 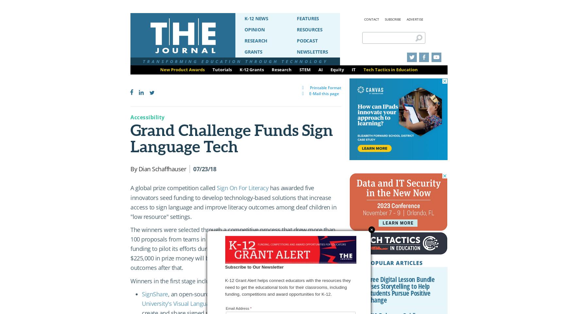 I want to click on 'New Product Awards', so click(x=182, y=69).